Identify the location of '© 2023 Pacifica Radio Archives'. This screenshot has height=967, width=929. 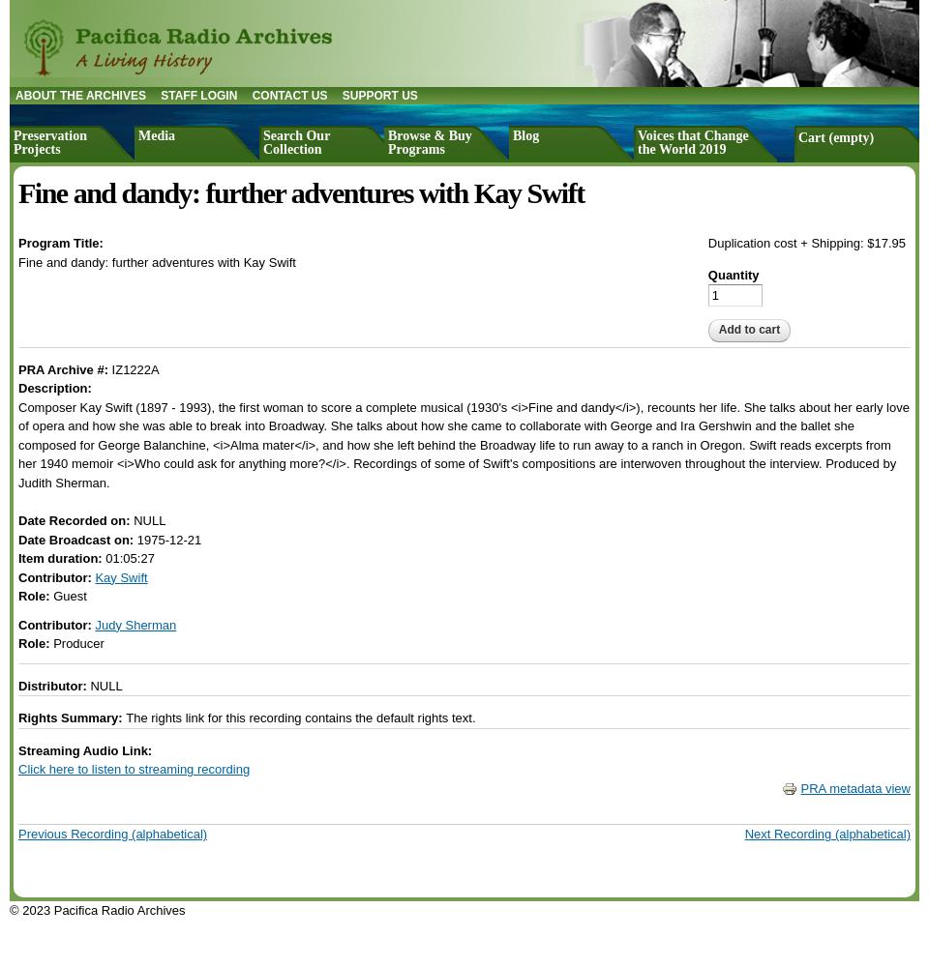
(97, 908).